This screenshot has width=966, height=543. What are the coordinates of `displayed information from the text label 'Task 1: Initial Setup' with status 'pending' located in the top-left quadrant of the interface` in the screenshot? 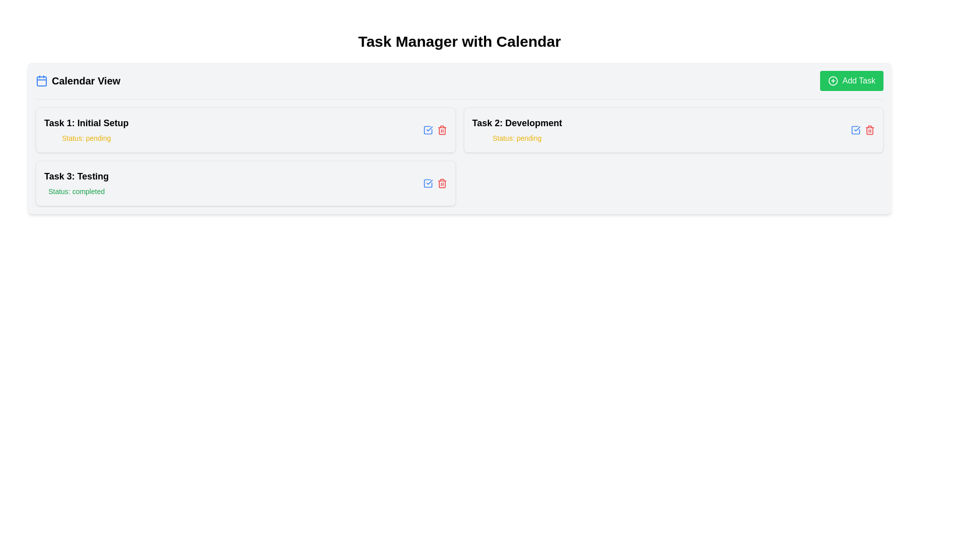 It's located at (86, 129).